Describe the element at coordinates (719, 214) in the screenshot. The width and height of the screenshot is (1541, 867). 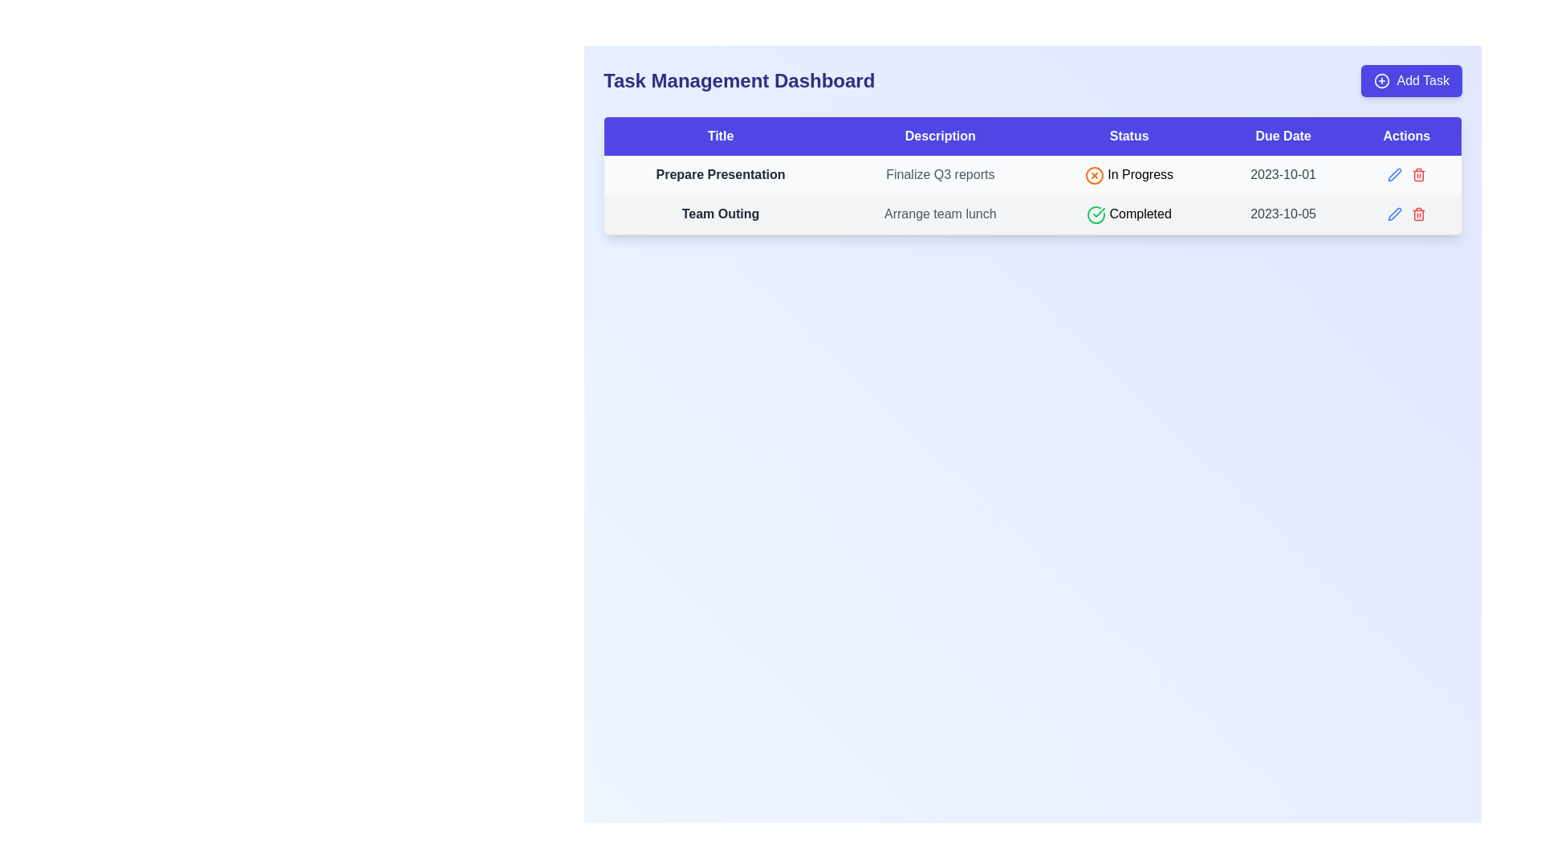
I see `the text label displaying 'Team Outing' in bold font within the 'Title' column of the second row in the 'Task Management Dashboard'` at that location.